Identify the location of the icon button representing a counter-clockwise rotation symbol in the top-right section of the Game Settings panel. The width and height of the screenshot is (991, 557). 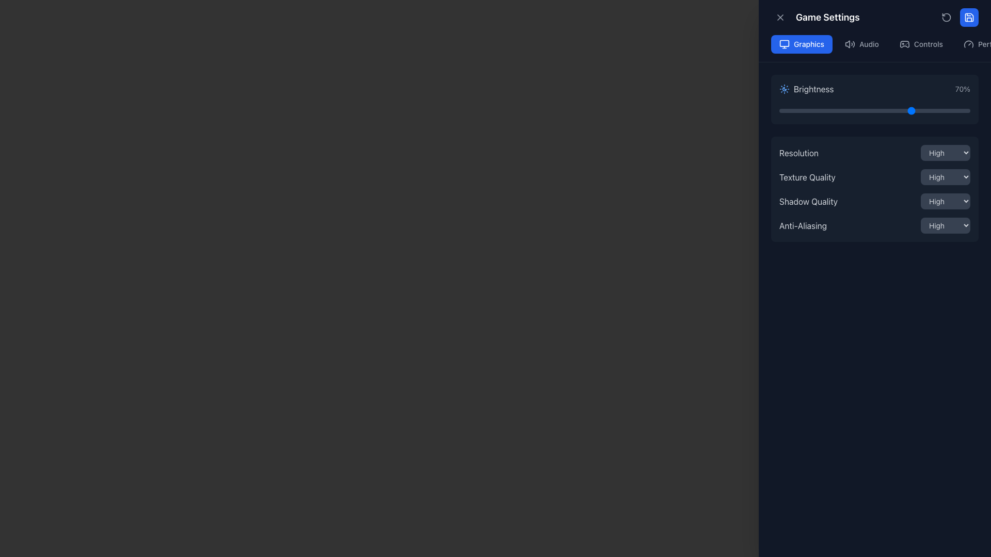
(946, 18).